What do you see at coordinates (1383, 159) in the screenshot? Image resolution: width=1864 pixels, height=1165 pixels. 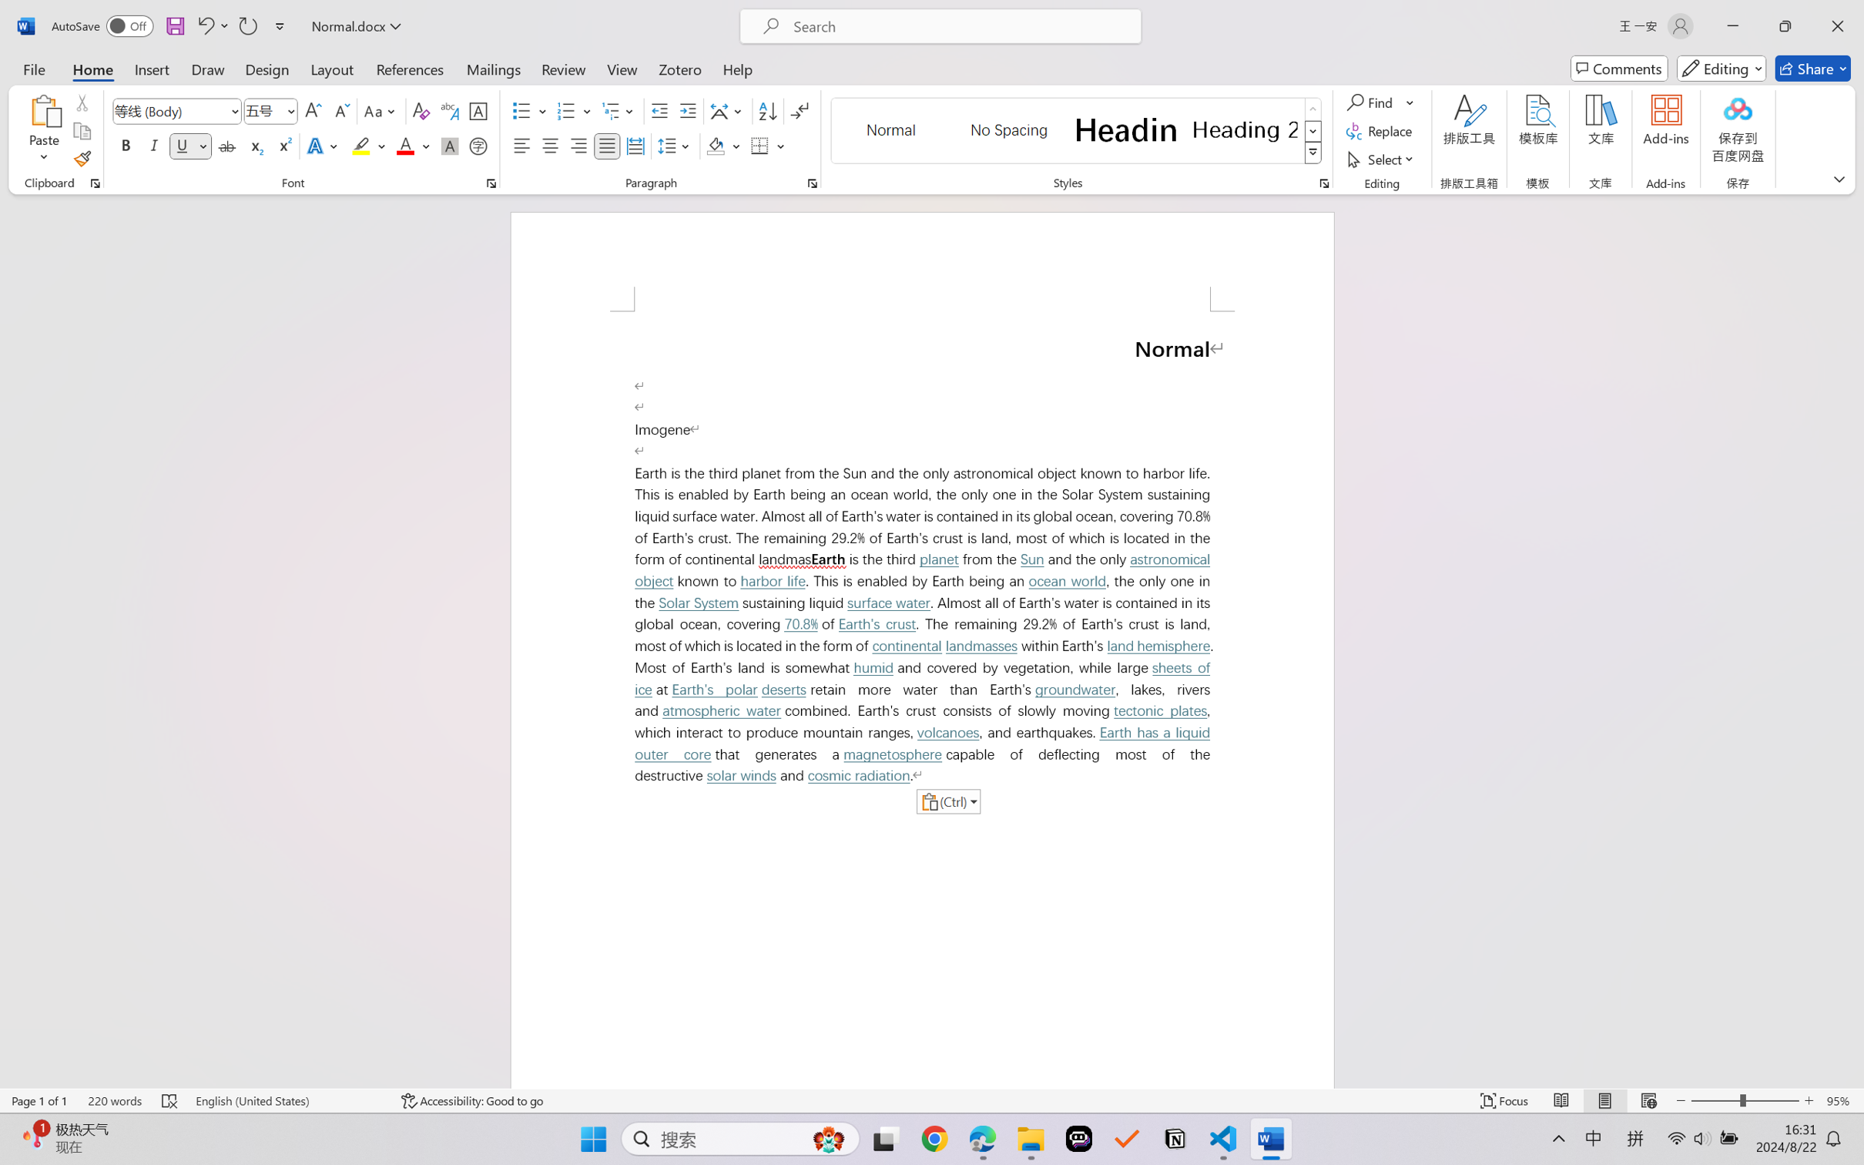 I see `'Select'` at bounding box center [1383, 159].